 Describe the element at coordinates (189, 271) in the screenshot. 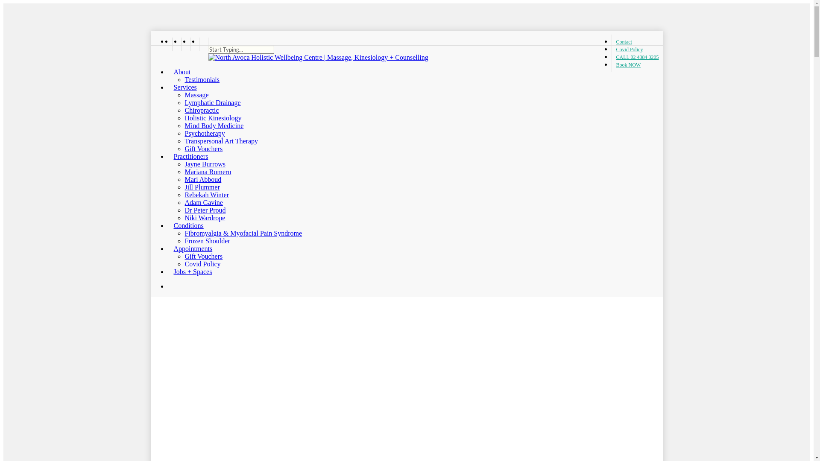

I see `'Jobs + Spaces'` at that location.